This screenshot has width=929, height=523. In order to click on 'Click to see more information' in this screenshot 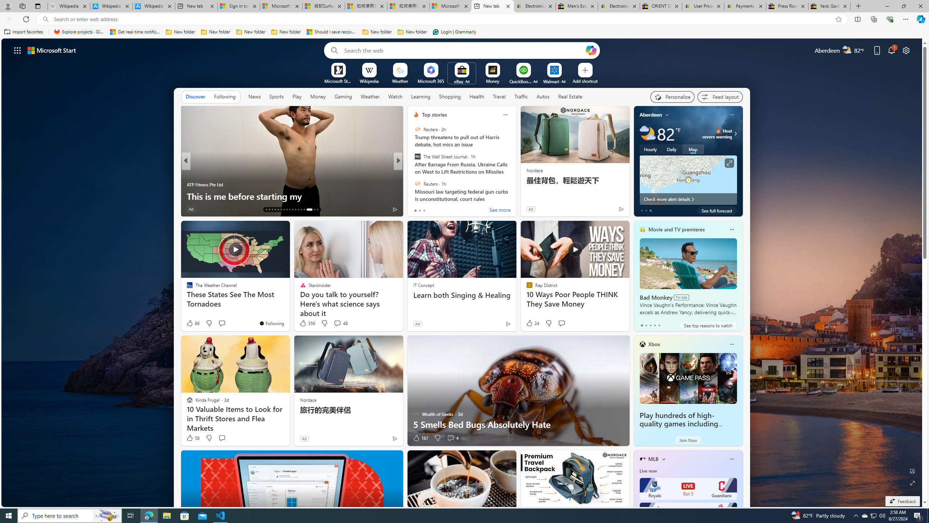, I will do `click(729, 163)`.